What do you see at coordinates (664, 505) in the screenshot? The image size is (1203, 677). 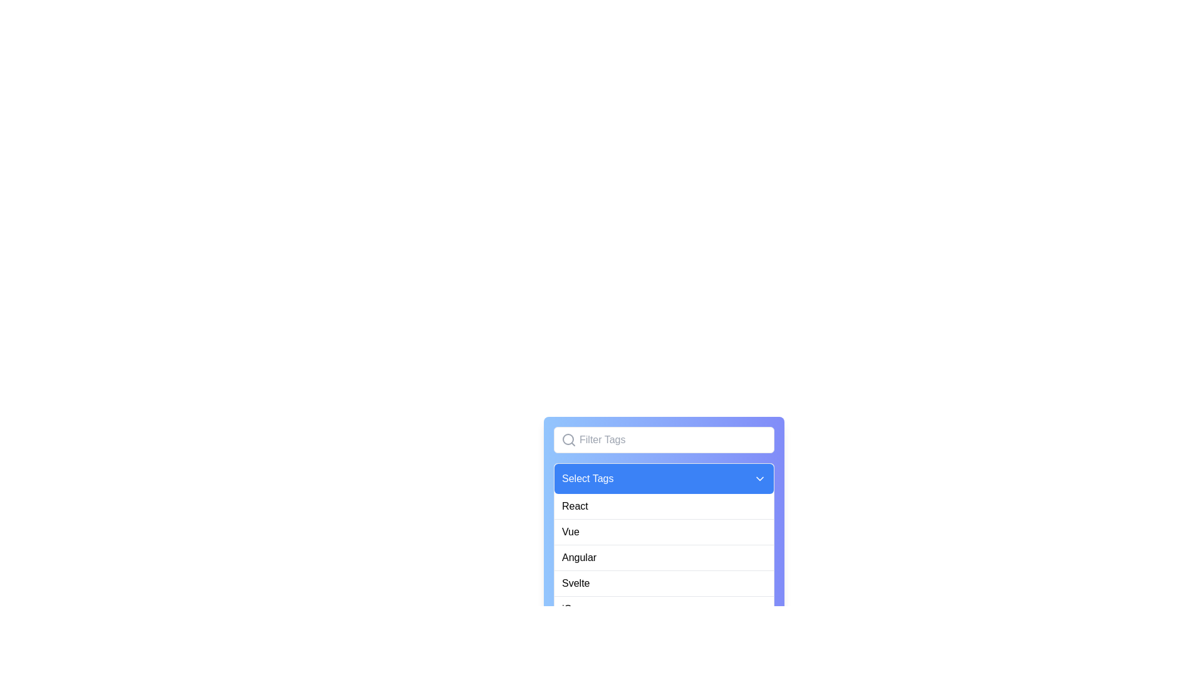 I see `the first option in the dropdown menu labeled 'Select Tags'` at bounding box center [664, 505].